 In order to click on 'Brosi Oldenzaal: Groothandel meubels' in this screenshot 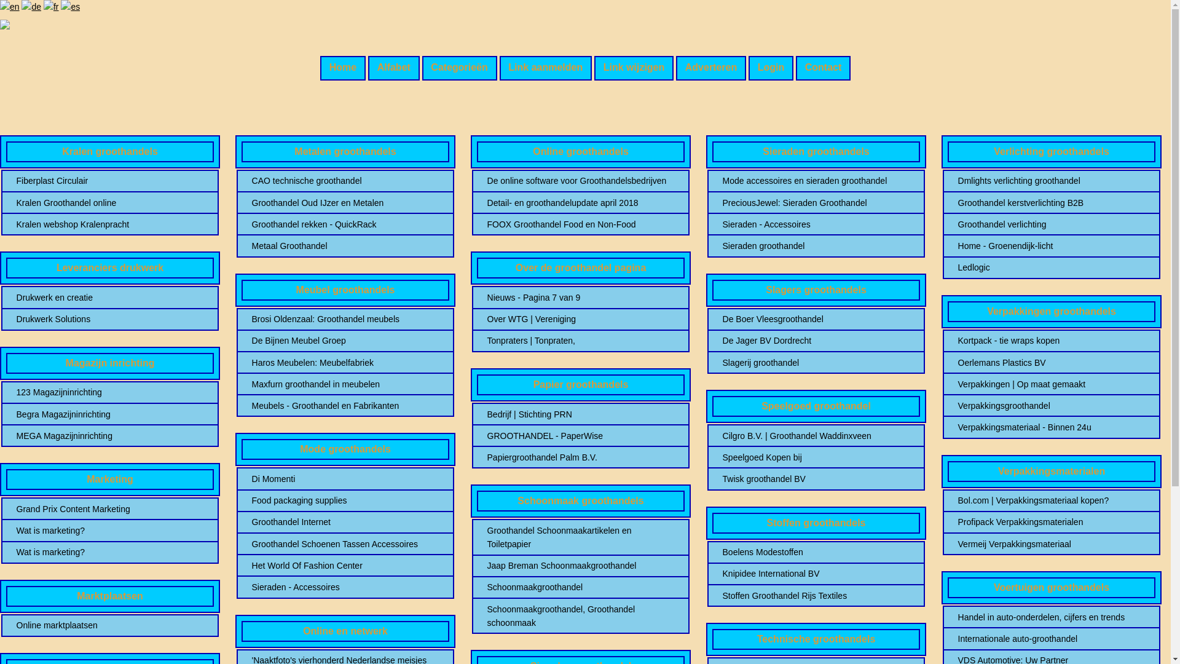, I will do `click(345, 318)`.